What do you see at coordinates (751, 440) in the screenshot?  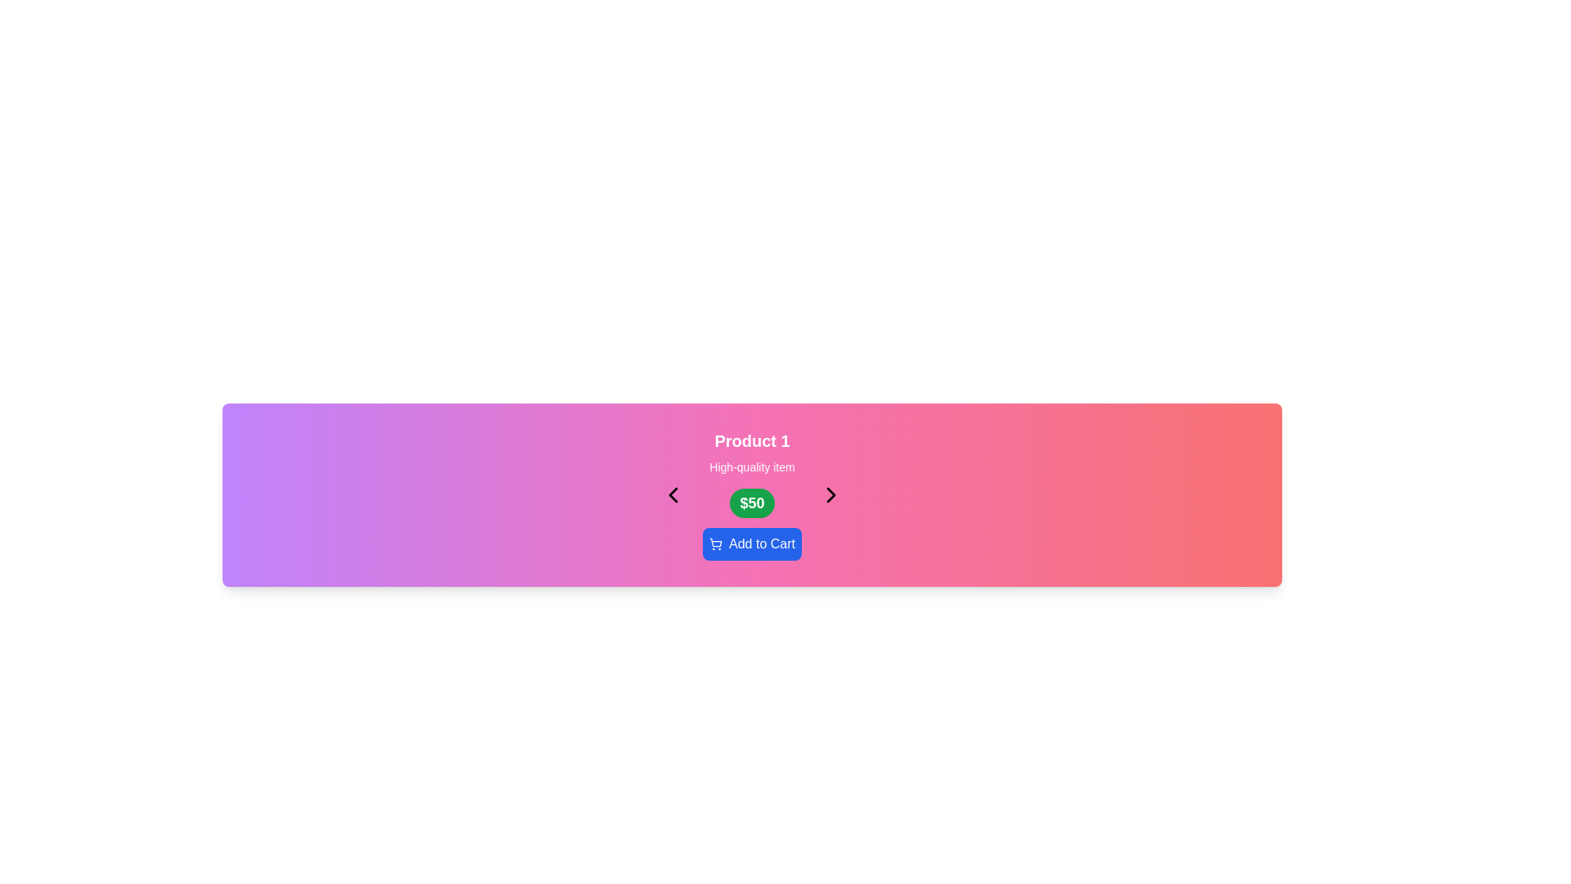 I see `text label at the top center of the product display, which serves as the title or identifier of the product` at bounding box center [751, 440].